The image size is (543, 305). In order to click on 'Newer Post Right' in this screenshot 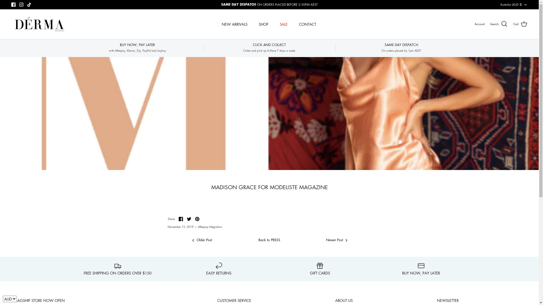, I will do `click(337, 240)`.